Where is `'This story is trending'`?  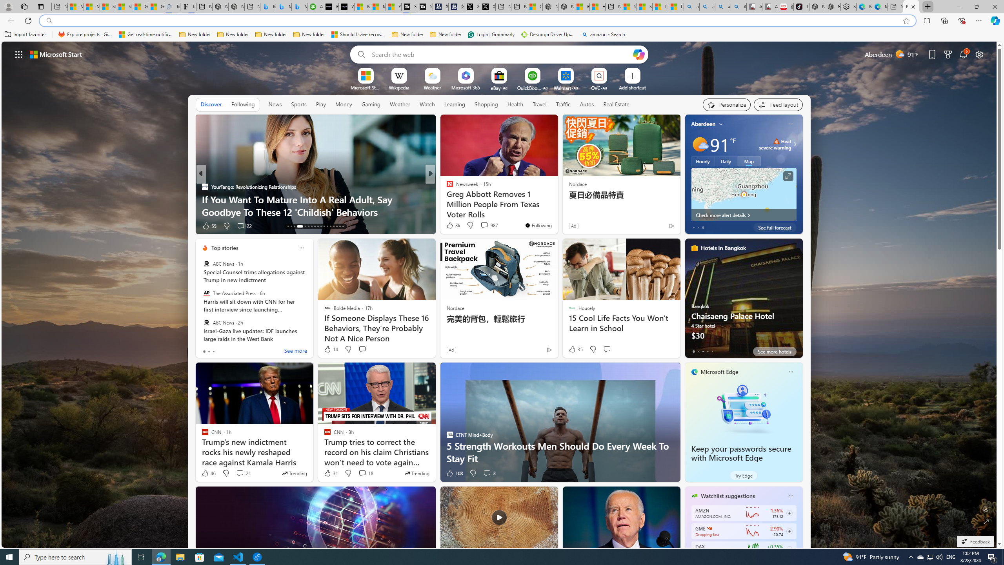
'This story is trending' is located at coordinates (416, 473).